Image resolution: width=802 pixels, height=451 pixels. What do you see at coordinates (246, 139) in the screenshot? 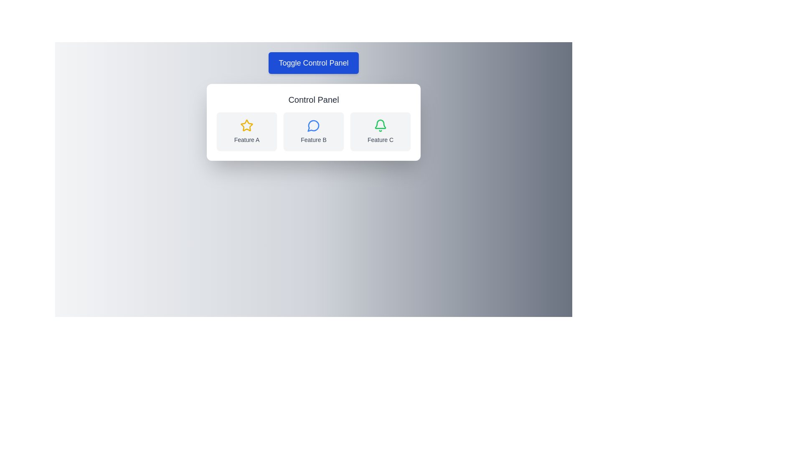
I see `the Text label that describes the feature represented by the star icon, located centrally within the 'Feature A' panel under the 'Control Panel' title` at bounding box center [246, 139].